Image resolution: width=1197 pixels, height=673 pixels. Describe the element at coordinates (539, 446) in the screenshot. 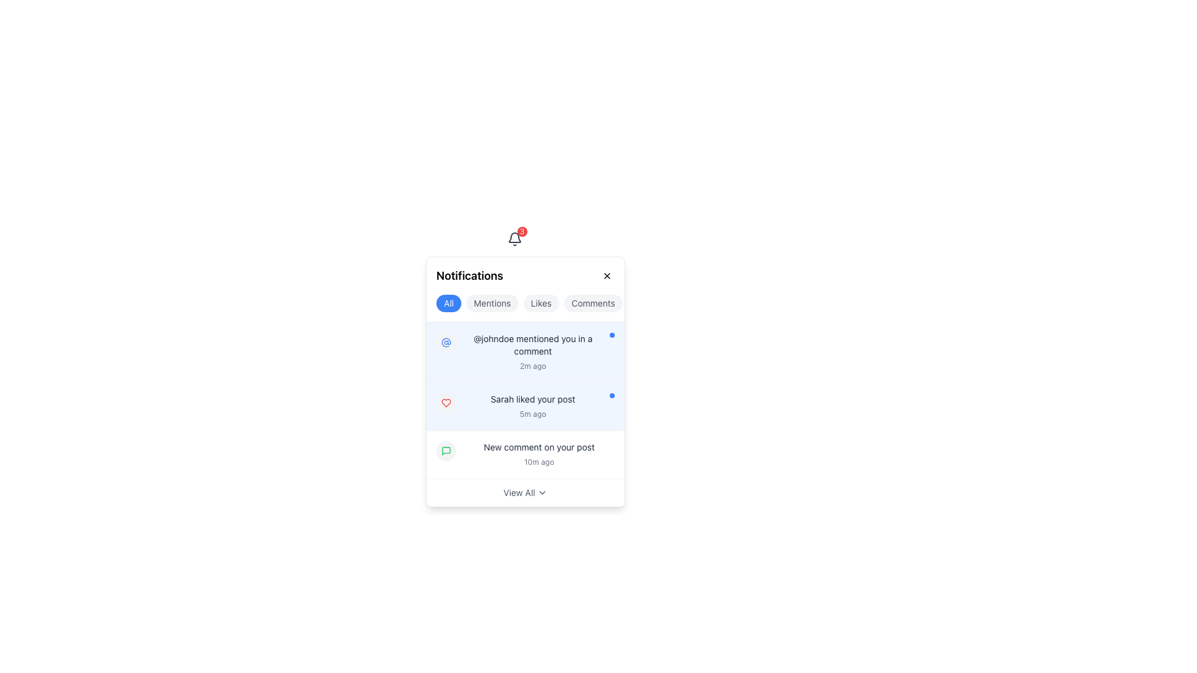

I see `the notification message indicating a new comment on the user's post, located in the lower region of the notification dropdown pane, directly above the time indicator '10m ago'` at that location.